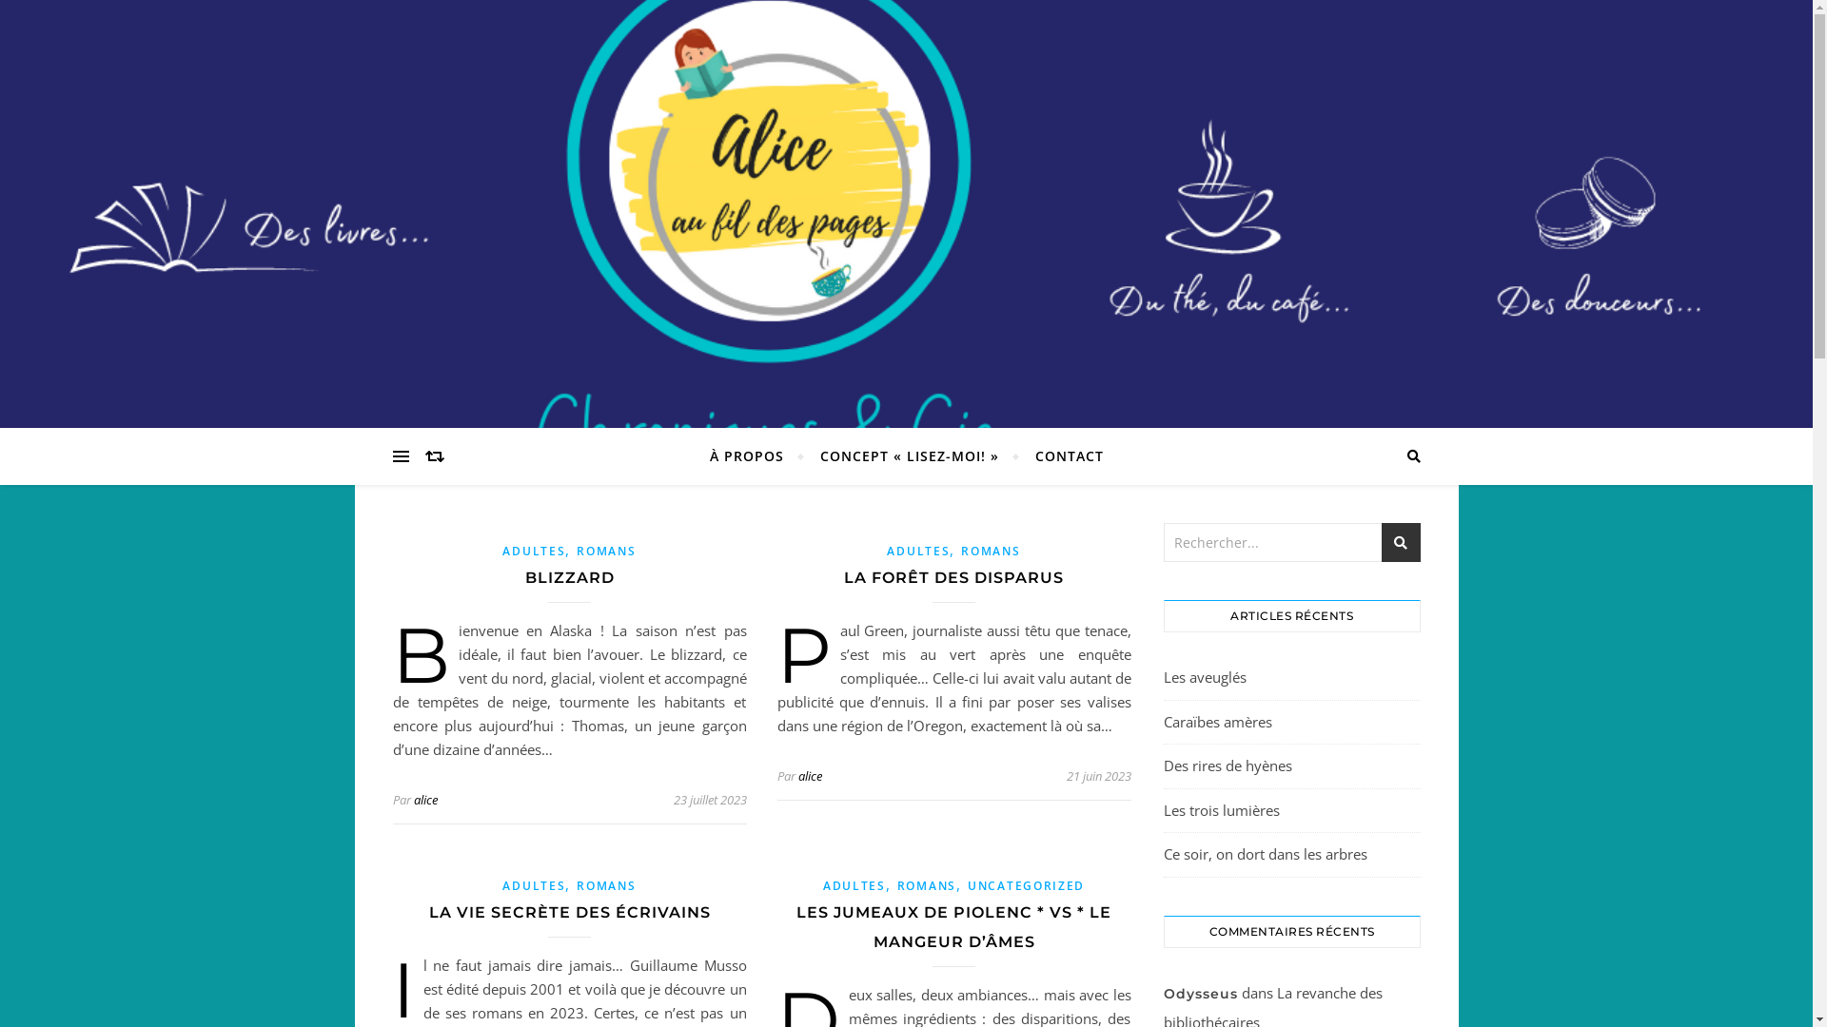 Image resolution: width=1827 pixels, height=1027 pixels. Describe the element at coordinates (1265, 853) in the screenshot. I see `'Ce soir, on dort dans les arbres'` at that location.